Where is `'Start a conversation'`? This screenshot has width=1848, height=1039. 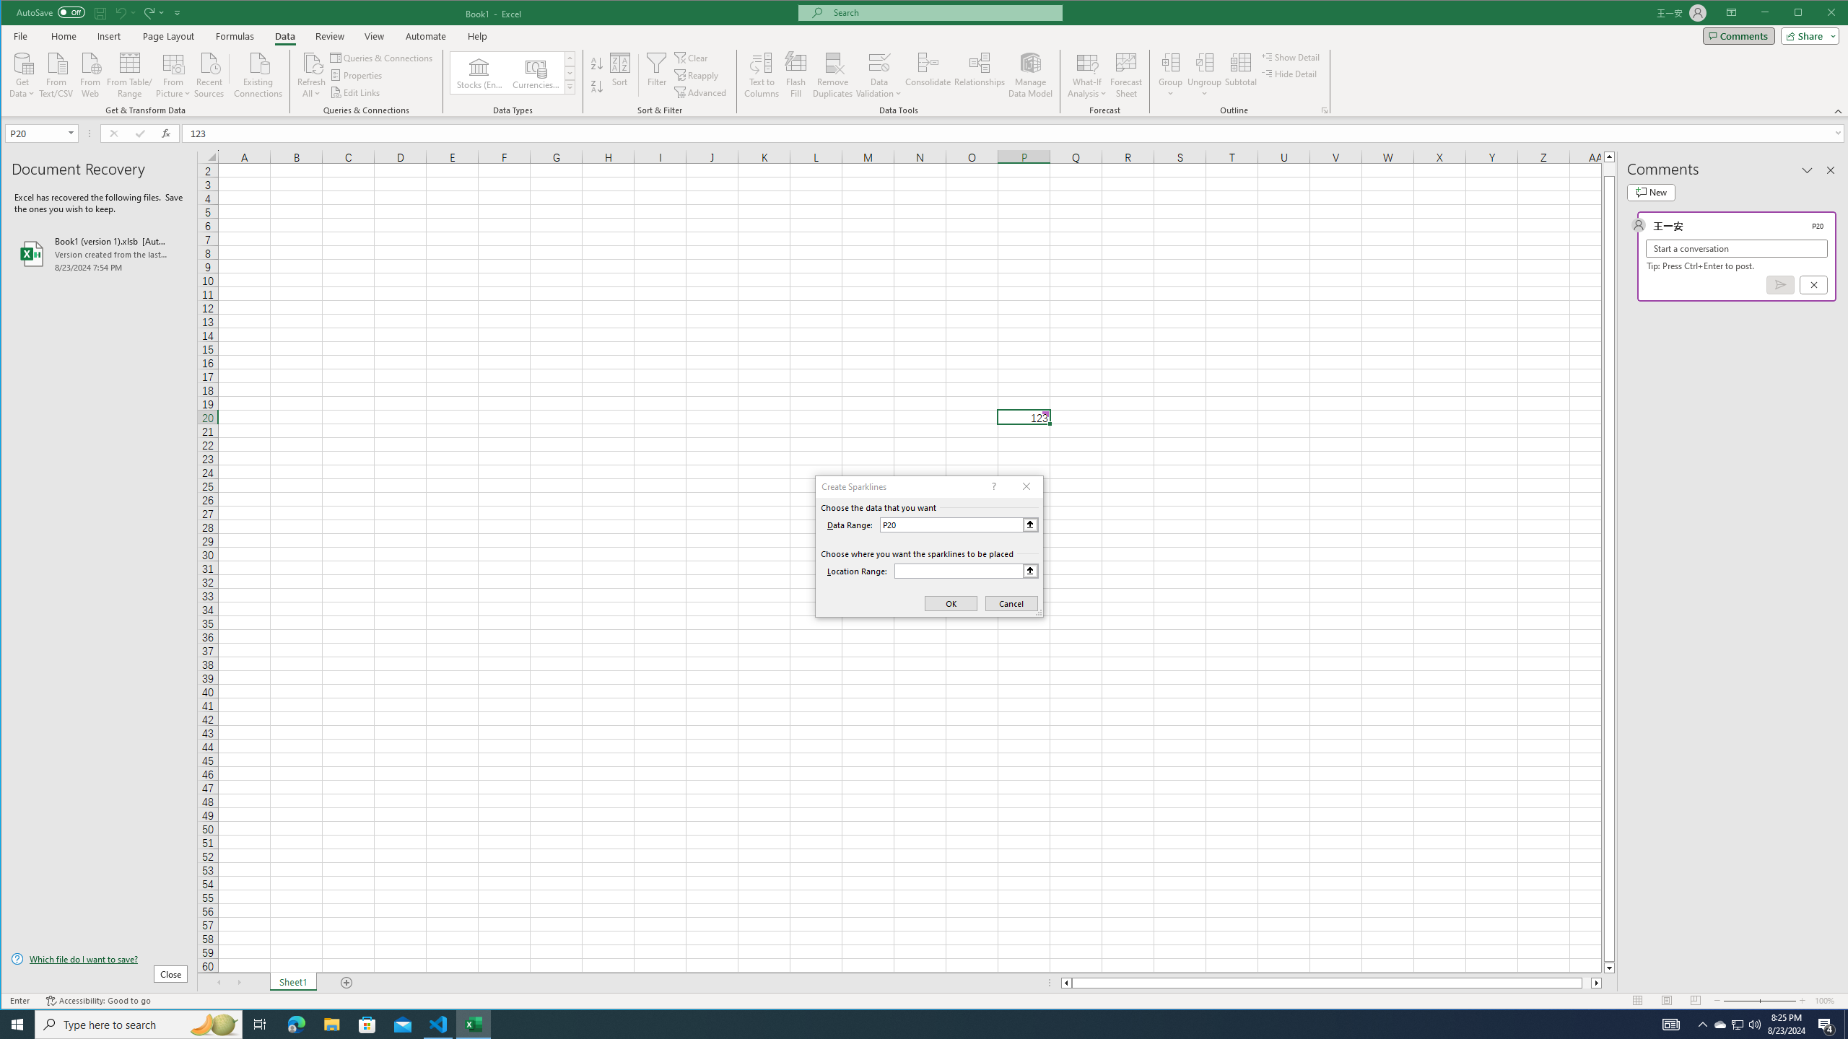
'Start a conversation' is located at coordinates (1736, 248).